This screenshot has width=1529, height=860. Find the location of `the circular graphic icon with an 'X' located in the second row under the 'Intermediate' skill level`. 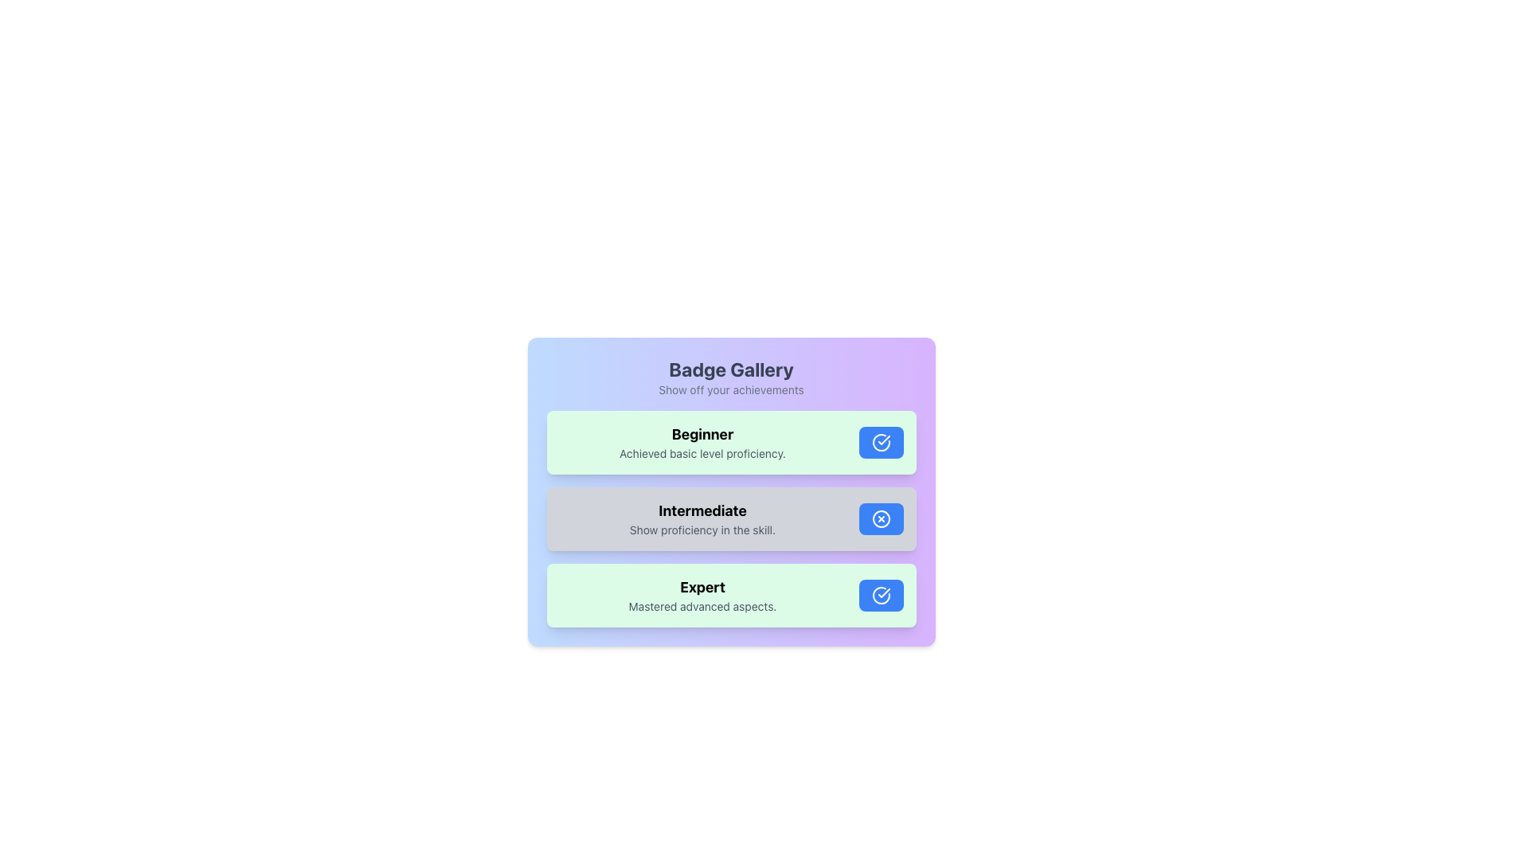

the circular graphic icon with an 'X' located in the second row under the 'Intermediate' skill level is located at coordinates (880, 518).